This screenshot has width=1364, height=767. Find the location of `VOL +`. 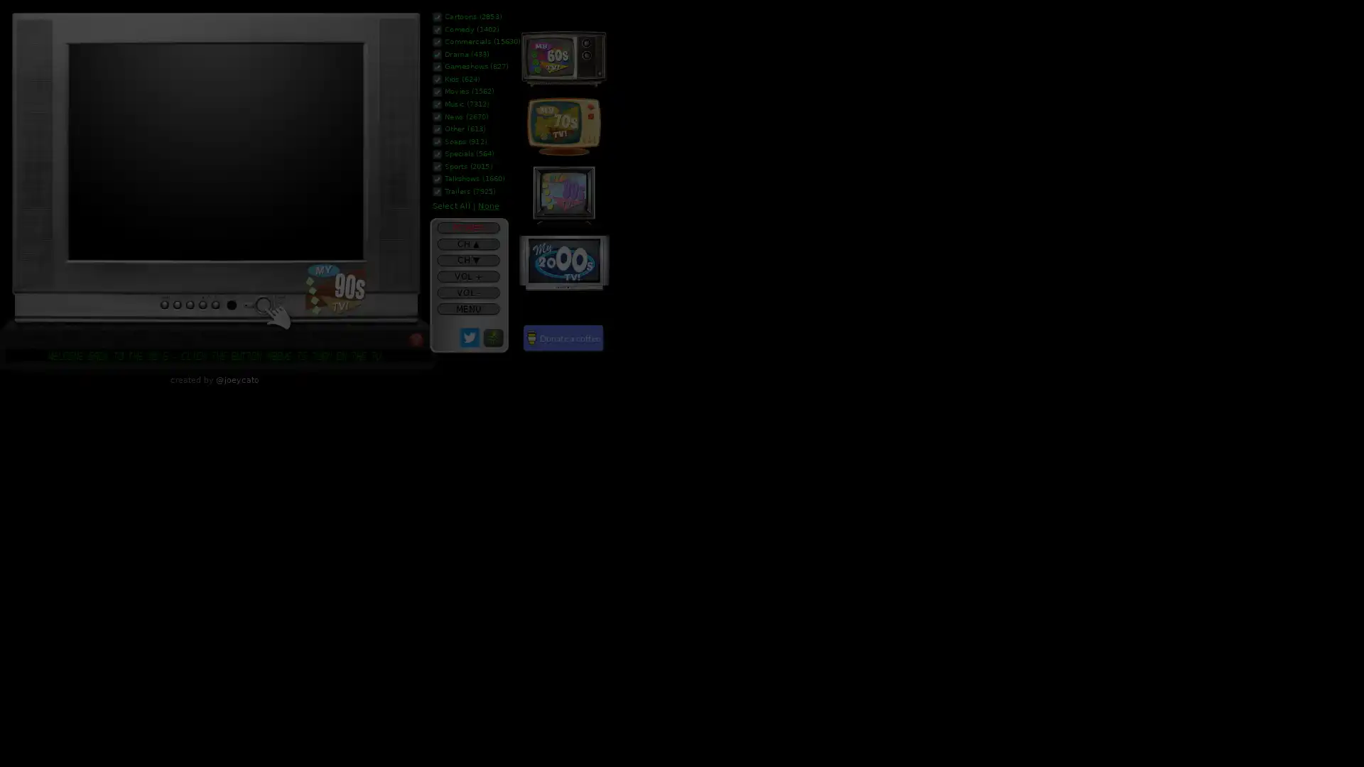

VOL + is located at coordinates (467, 276).